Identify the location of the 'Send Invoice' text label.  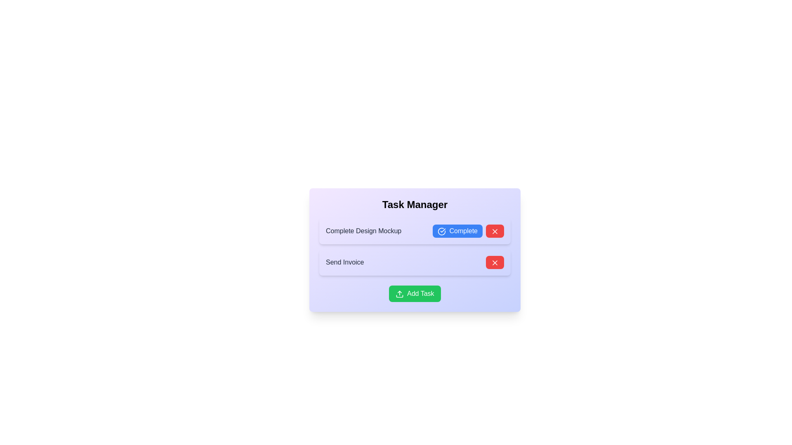
(344, 262).